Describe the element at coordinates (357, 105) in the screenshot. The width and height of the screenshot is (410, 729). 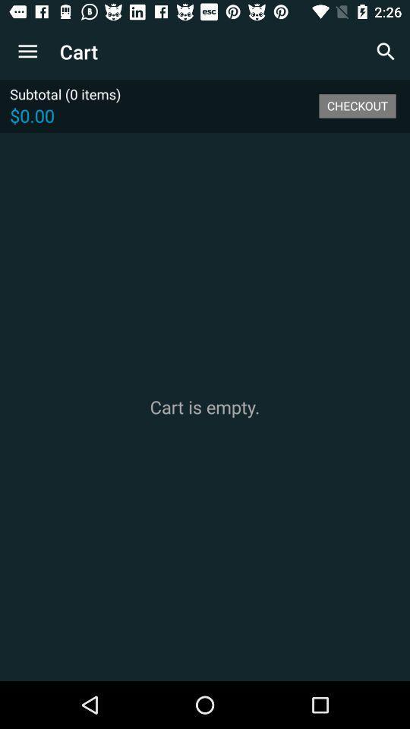
I see `the checkout` at that location.